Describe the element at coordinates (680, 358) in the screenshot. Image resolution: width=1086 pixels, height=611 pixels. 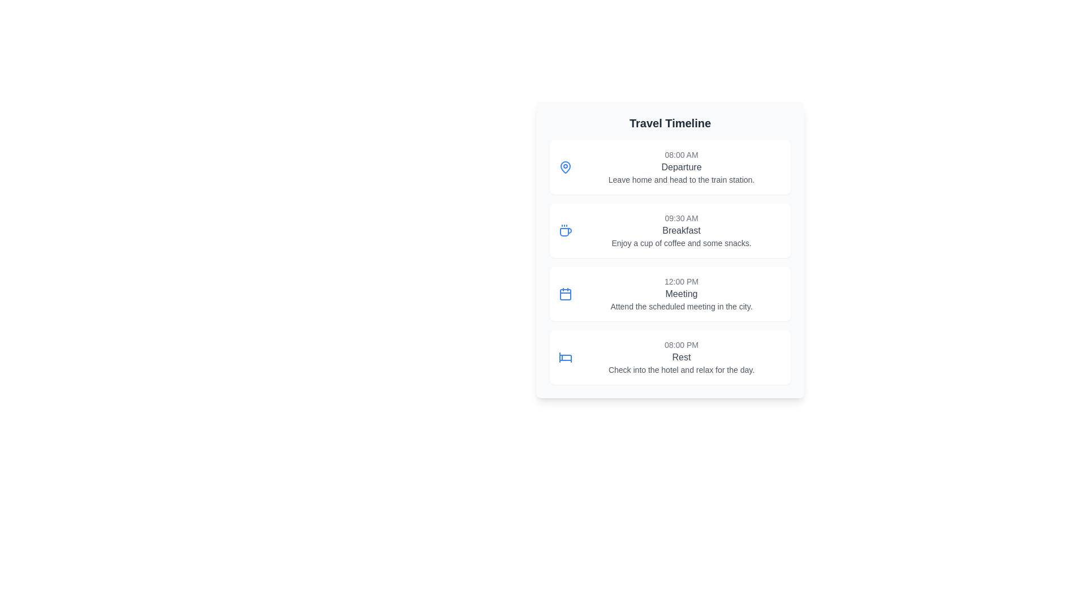
I see `the medium-sized text label displaying 'Rest' in gray color, located below the time '08:00 PM' and above the description in the fourth timeline entry` at that location.